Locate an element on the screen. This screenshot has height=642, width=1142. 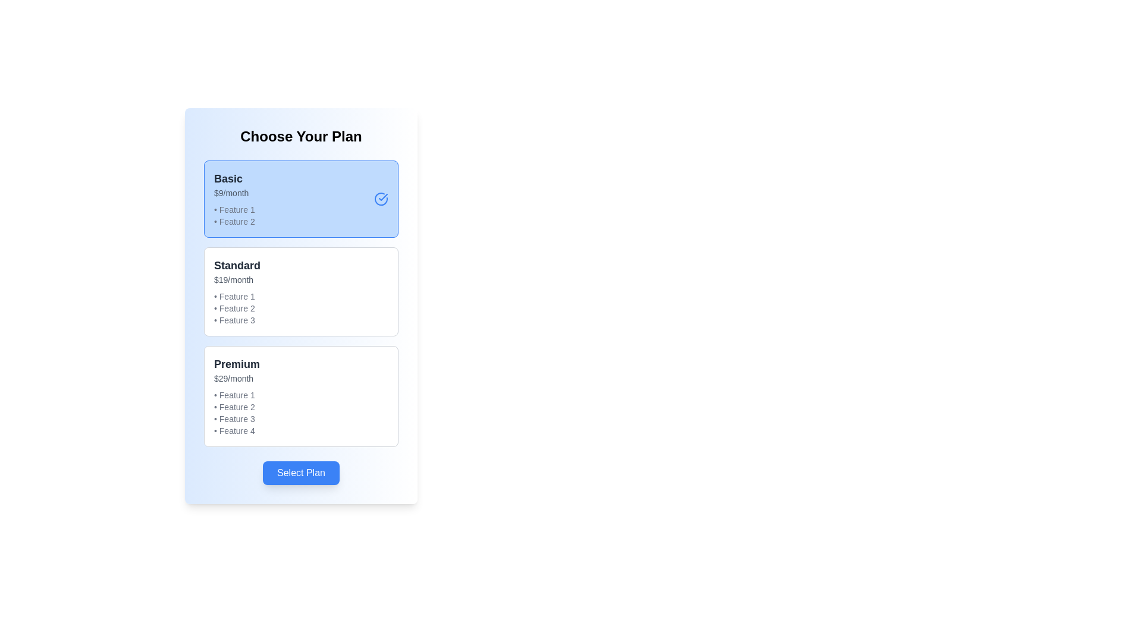
the second bullet point text label that details the features of the 'Standard' plan, located between 'Feature 1' and 'Feature 3' is located at coordinates (237, 308).